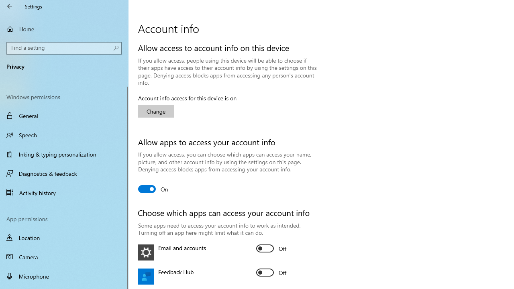  I want to click on 'Email and accounts', so click(271, 248).